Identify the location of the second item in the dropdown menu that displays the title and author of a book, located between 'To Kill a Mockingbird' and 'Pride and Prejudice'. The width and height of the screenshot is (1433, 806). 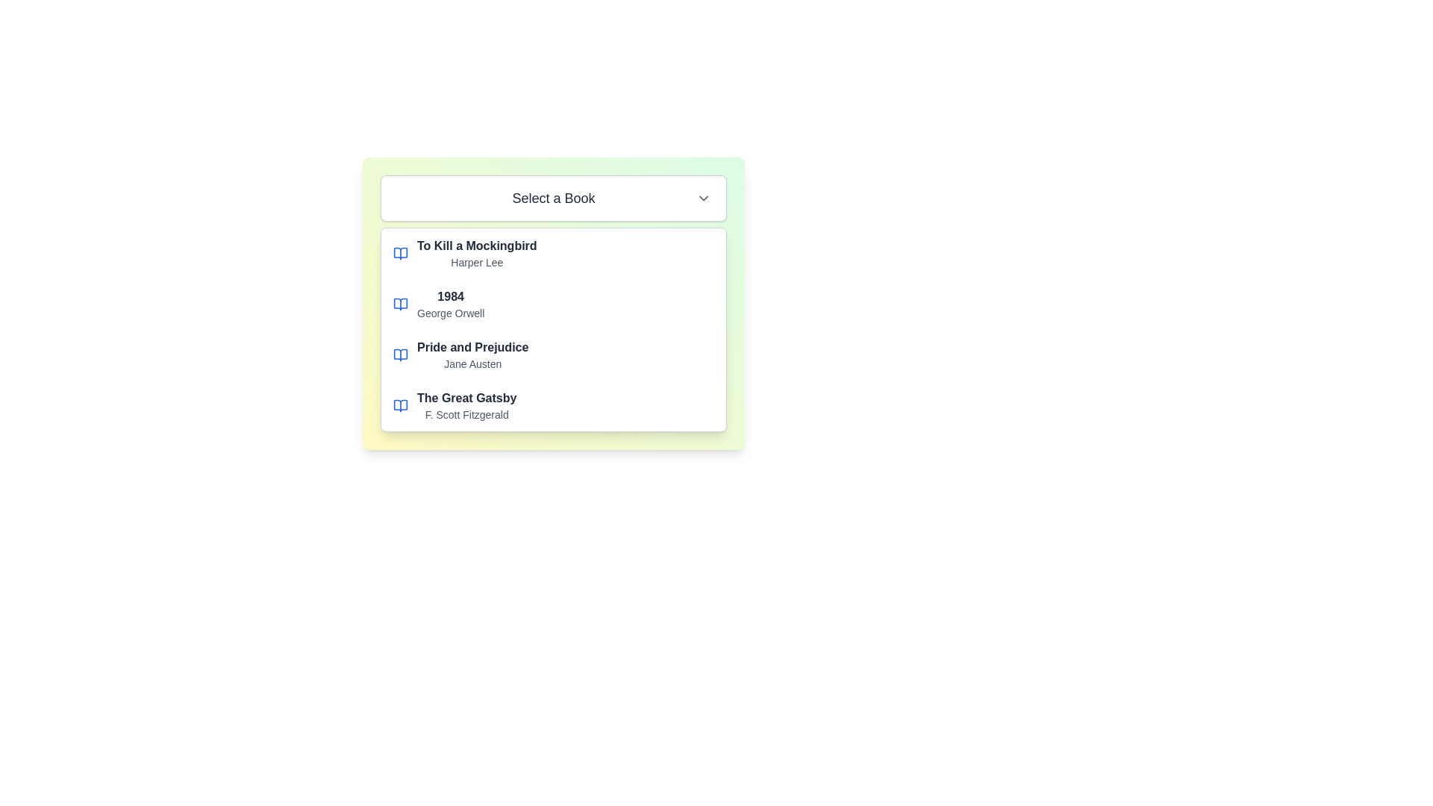
(450, 304).